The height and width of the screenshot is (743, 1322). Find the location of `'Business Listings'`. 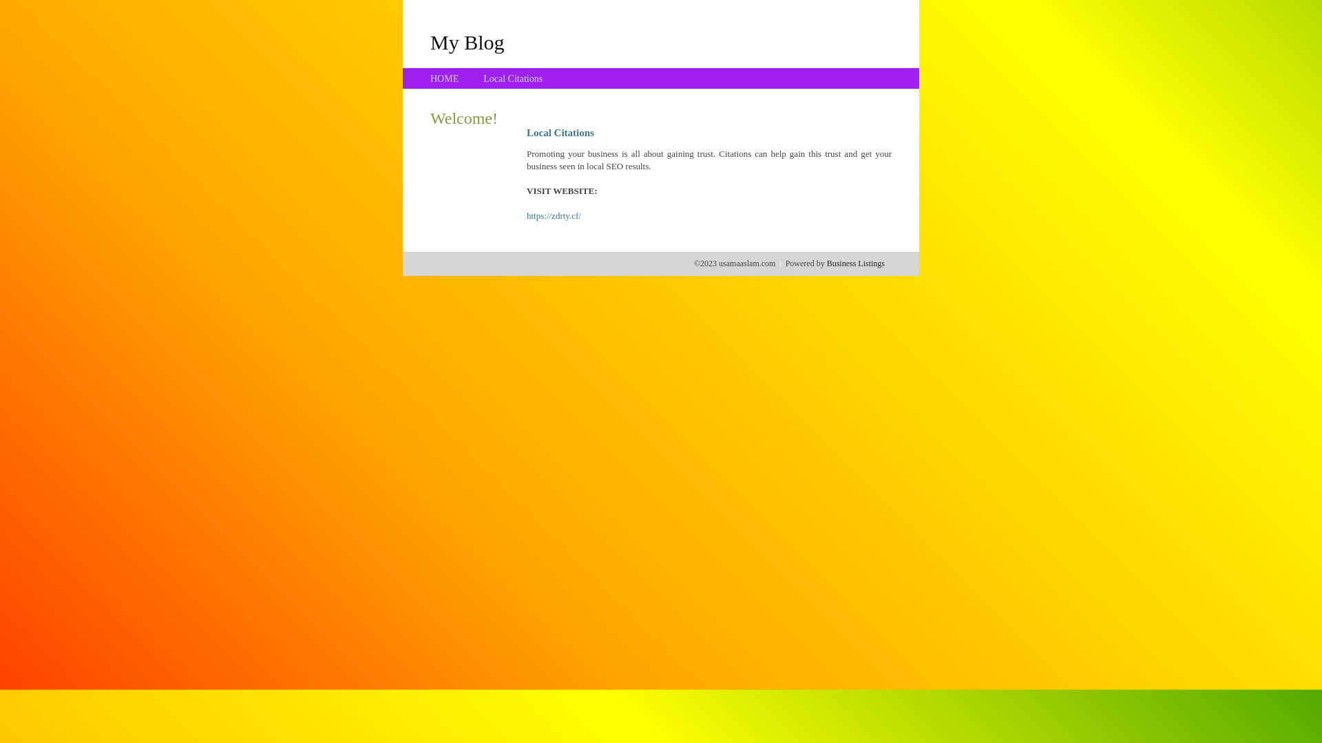

'Business Listings' is located at coordinates (826, 263).